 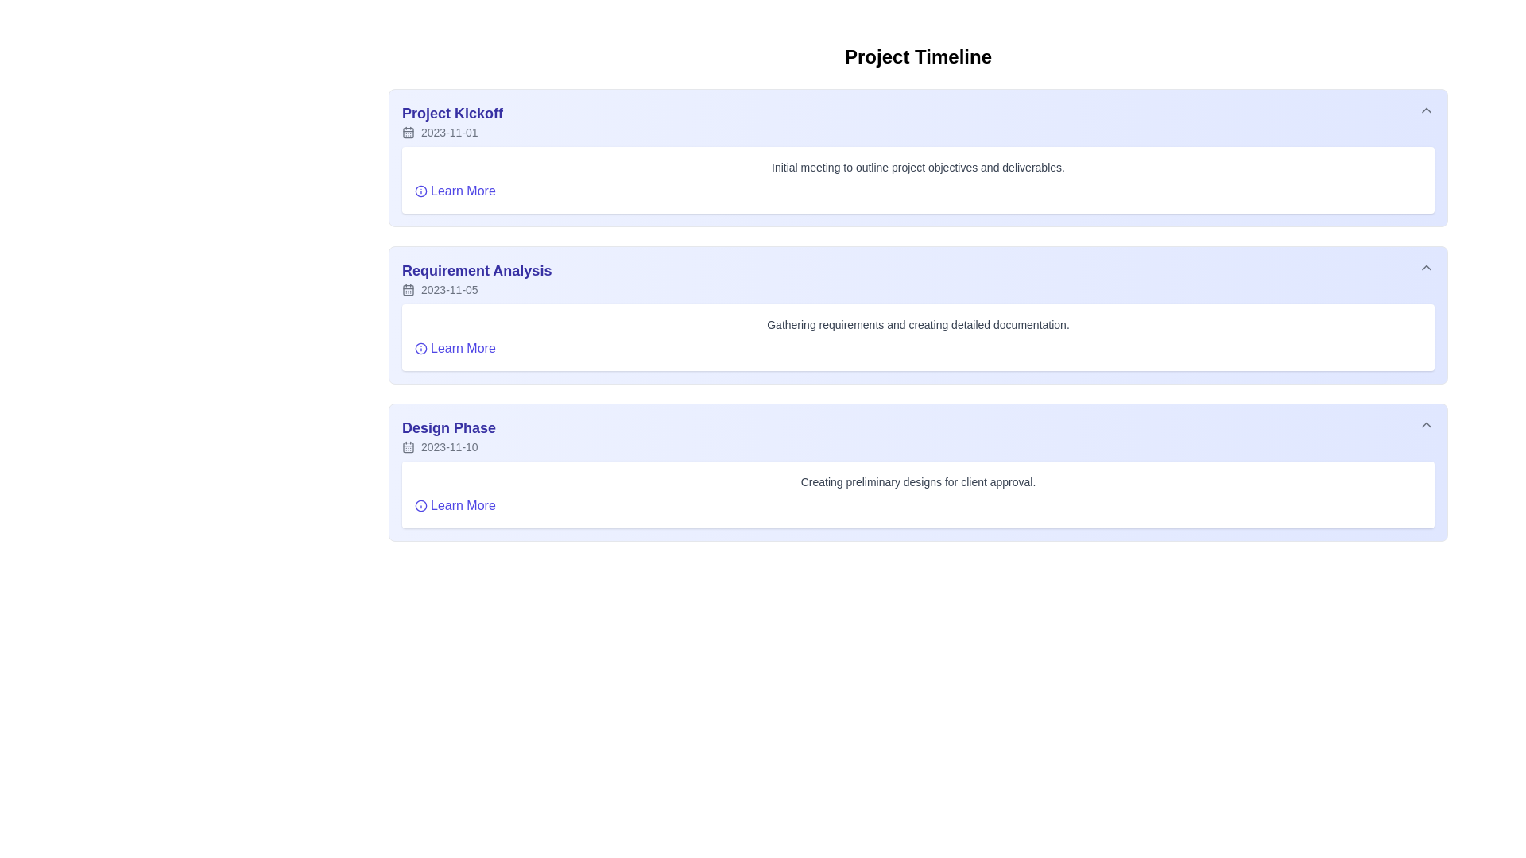 What do you see at coordinates (918, 481) in the screenshot?
I see `the main description text in the 'Design Phase' section of the timeline interface, which provides information about specific tasks or goals` at bounding box center [918, 481].